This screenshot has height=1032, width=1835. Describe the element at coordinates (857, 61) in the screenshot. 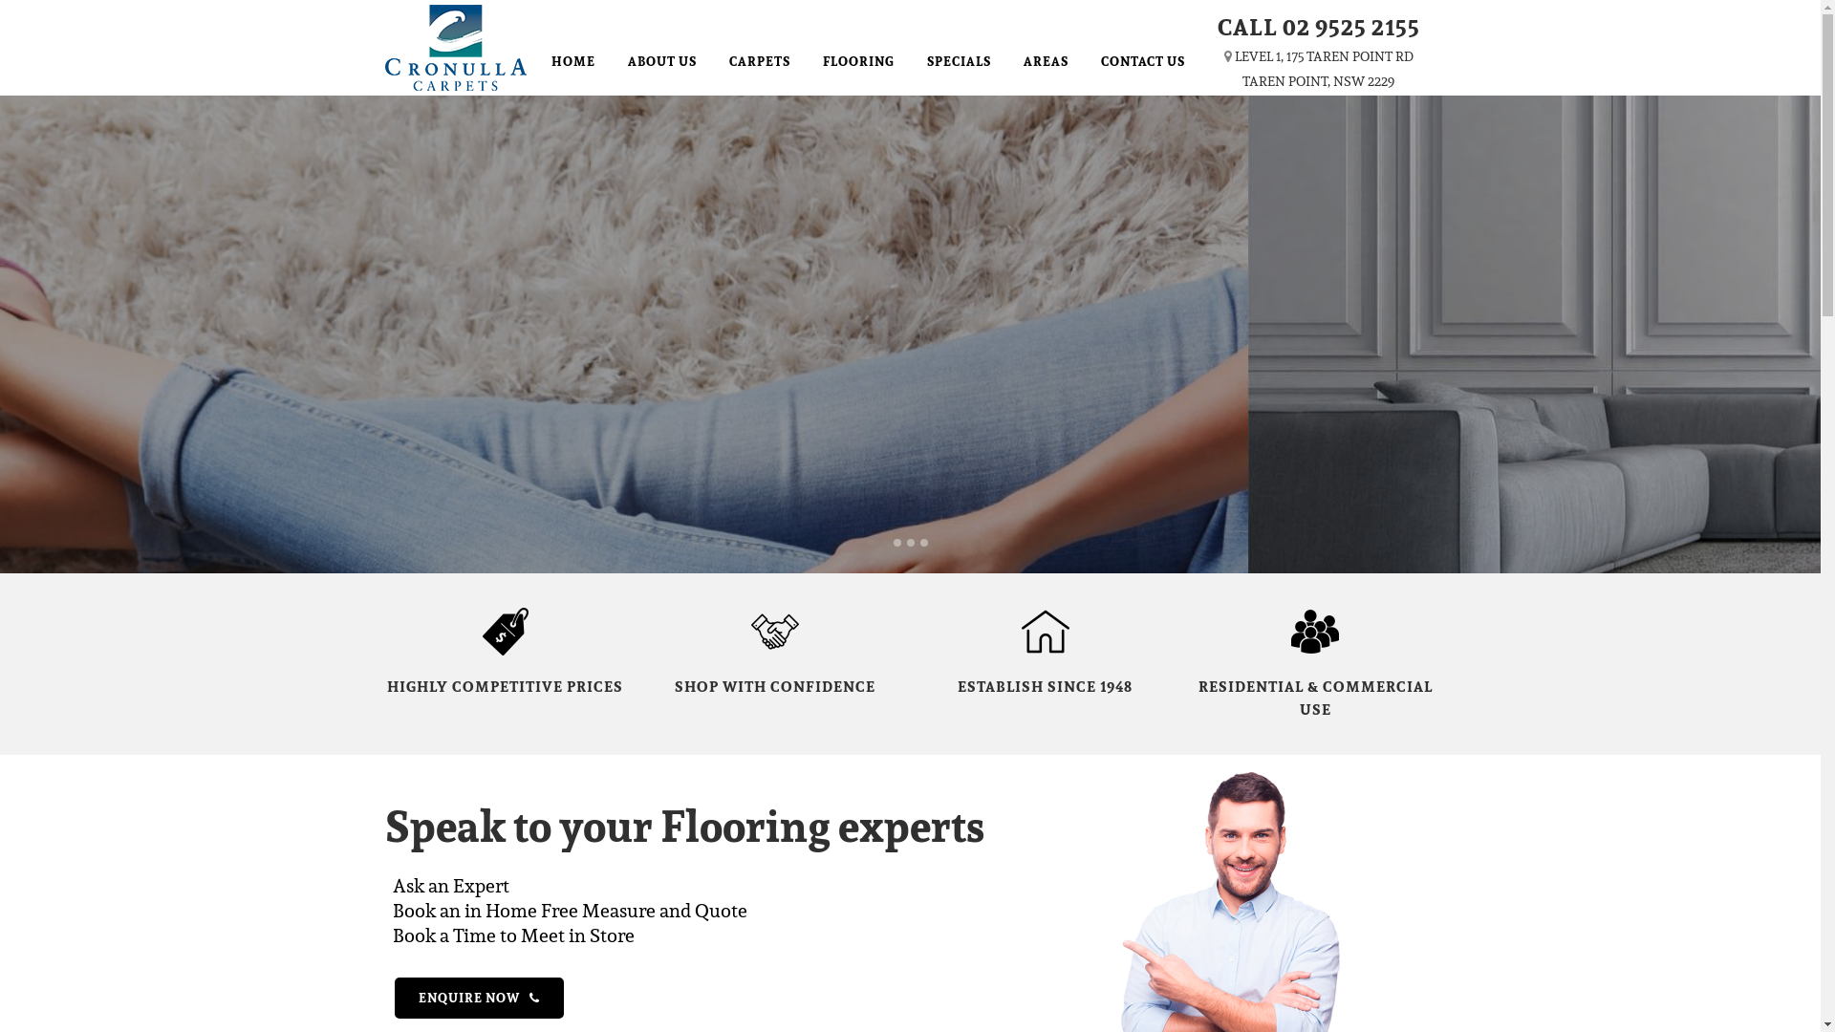

I see `'FLOORING'` at that location.